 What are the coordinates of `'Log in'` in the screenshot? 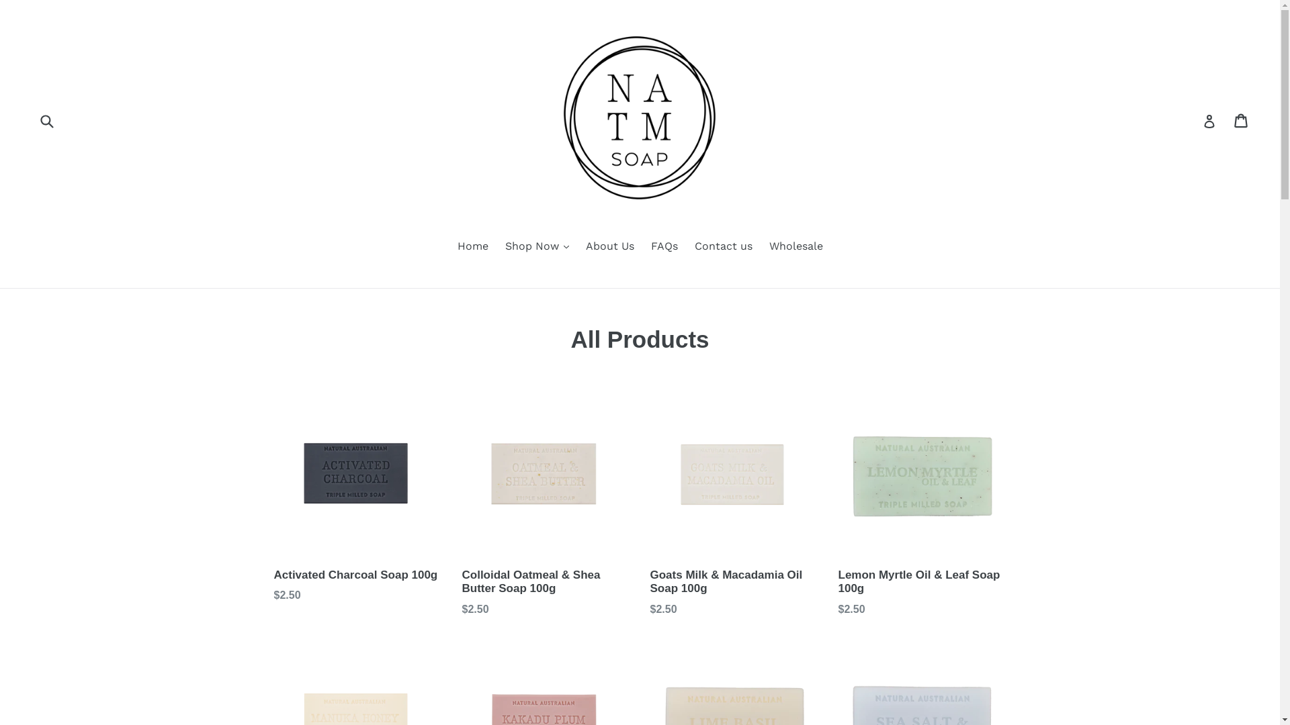 It's located at (1209, 121).